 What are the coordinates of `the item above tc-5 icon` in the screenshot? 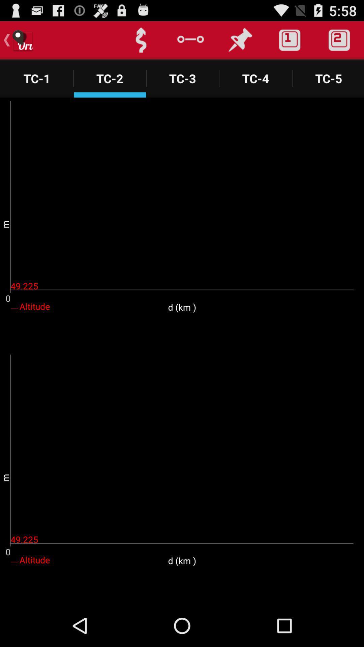 It's located at (339, 40).